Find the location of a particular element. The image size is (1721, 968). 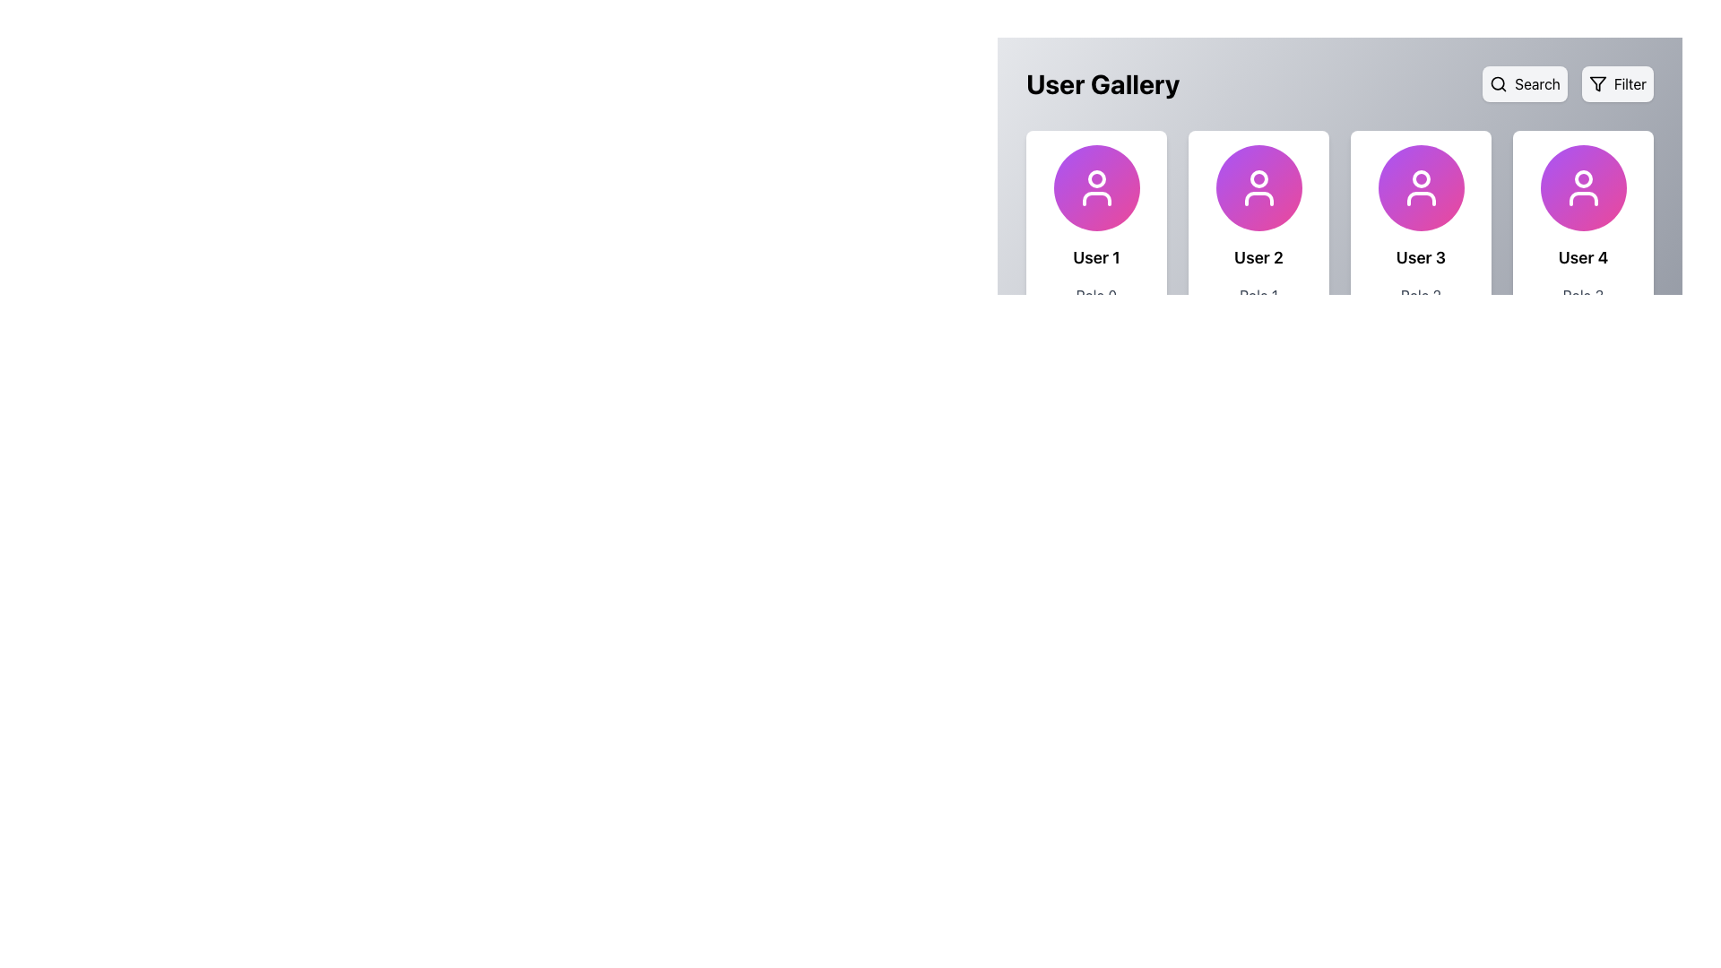

the avatar icon located at the top center of the card displaying user information, directly above the text 'User 3' and 'Role 2' is located at coordinates (1420, 187).